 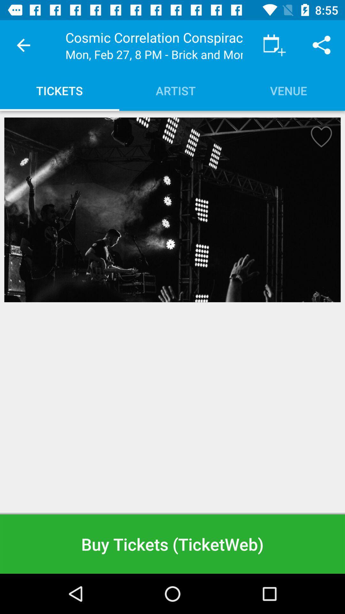 I want to click on to favorites, so click(x=319, y=138).